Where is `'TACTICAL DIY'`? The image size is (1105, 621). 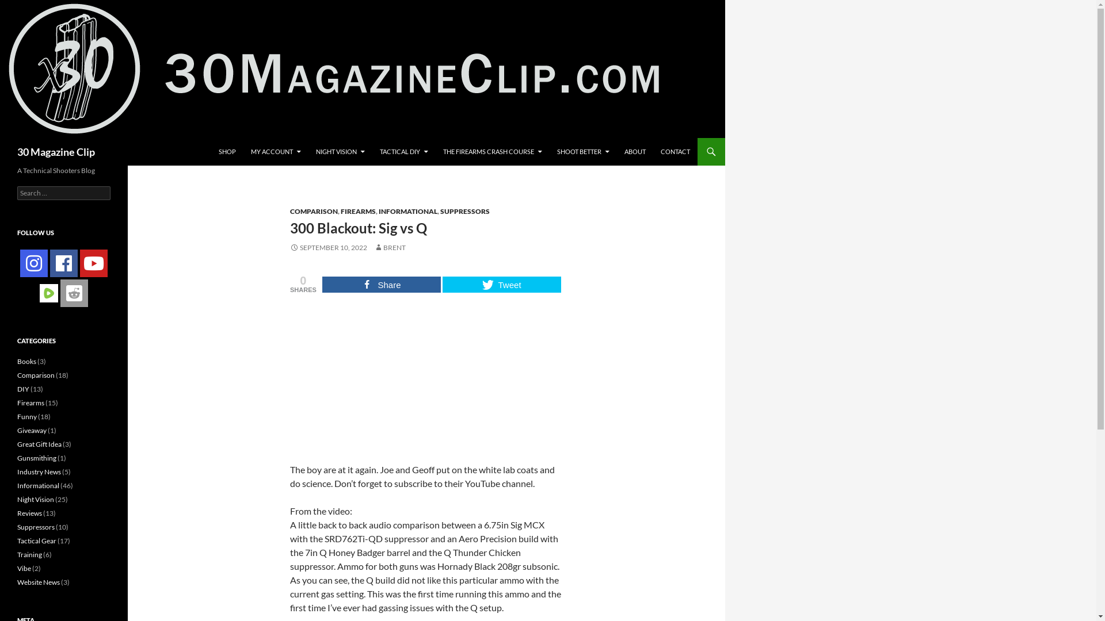 'TACTICAL DIY' is located at coordinates (373, 151).